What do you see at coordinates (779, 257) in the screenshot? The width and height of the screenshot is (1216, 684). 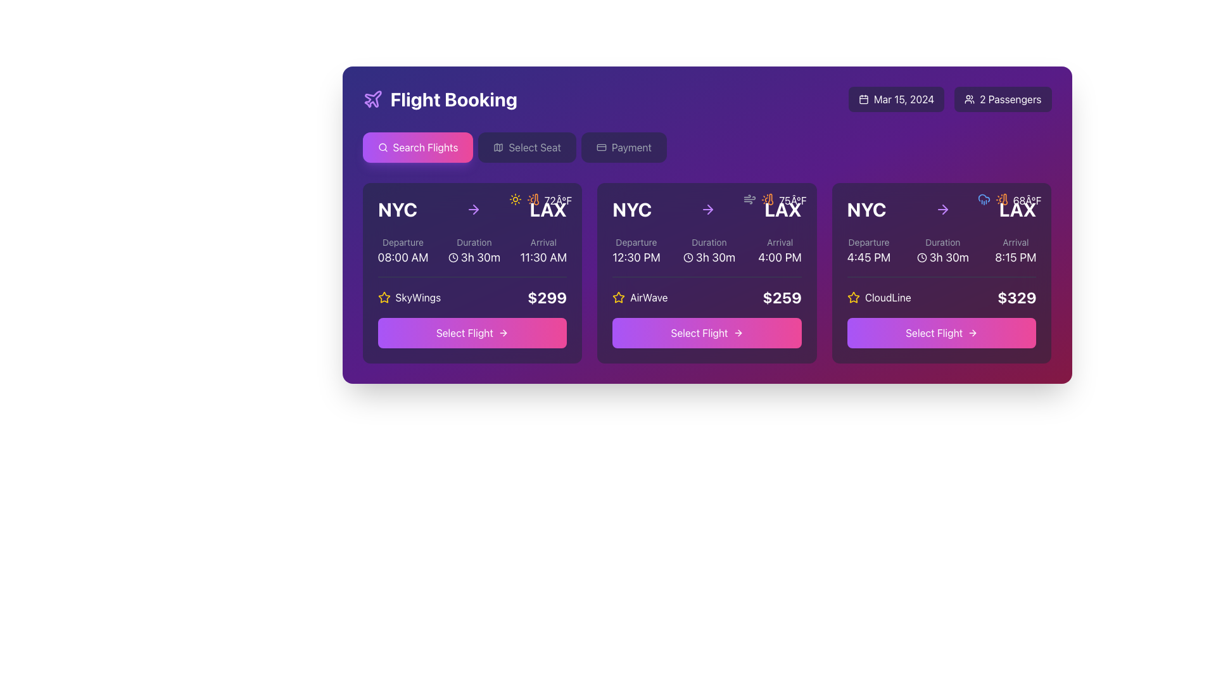 I see `the text displaying the scheduled arrival time of the flight, positioned under the label 'Arrival' in the lower part of the flight details card` at bounding box center [779, 257].